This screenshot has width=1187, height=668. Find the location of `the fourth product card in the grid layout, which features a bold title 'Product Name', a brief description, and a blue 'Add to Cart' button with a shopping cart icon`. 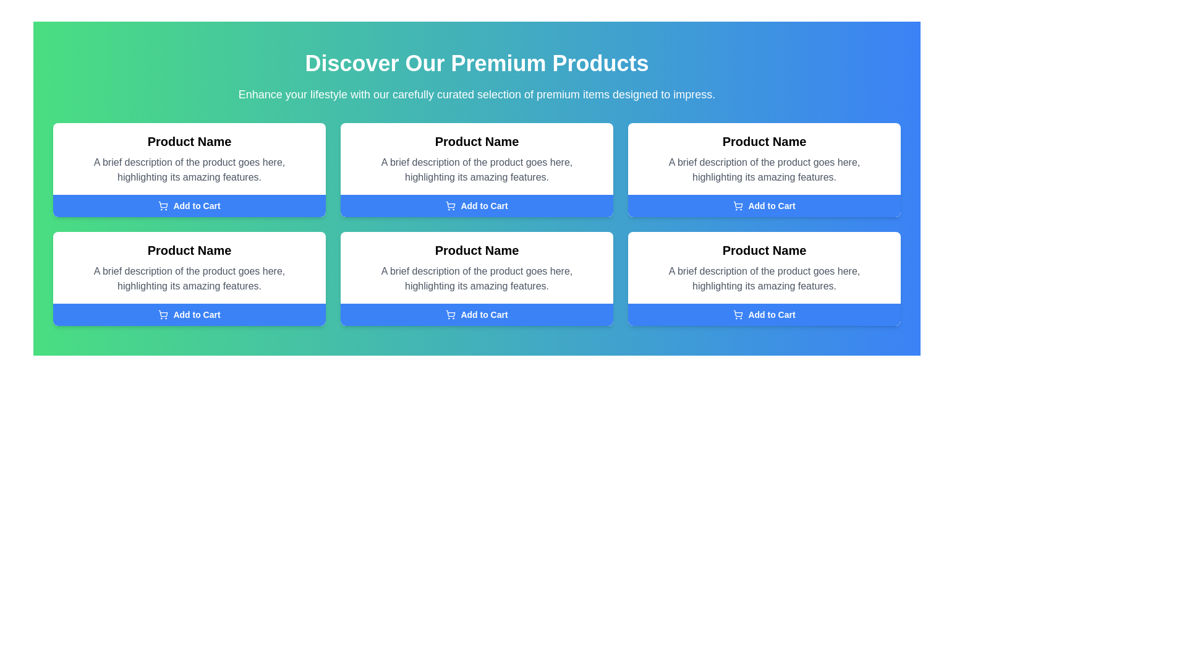

the fourth product card in the grid layout, which features a bold title 'Product Name', a brief description, and a blue 'Add to Cart' button with a shopping cart icon is located at coordinates (476, 279).